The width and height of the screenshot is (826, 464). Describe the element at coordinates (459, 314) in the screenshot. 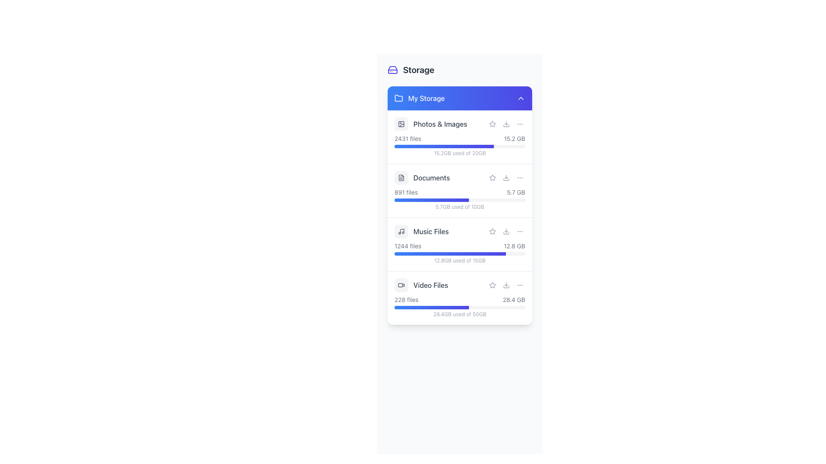

I see `the Text element displaying '28.4GB used of 50GB' located at the bottom of the 'Video Files' section` at that location.